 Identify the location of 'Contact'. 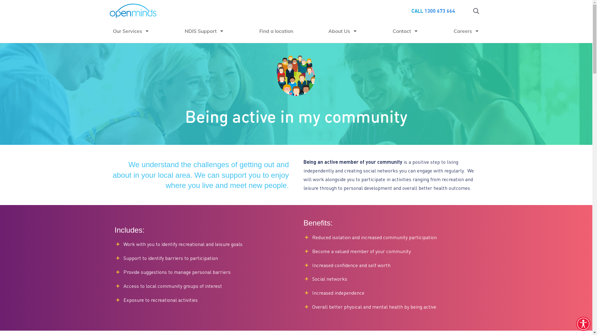
(405, 31).